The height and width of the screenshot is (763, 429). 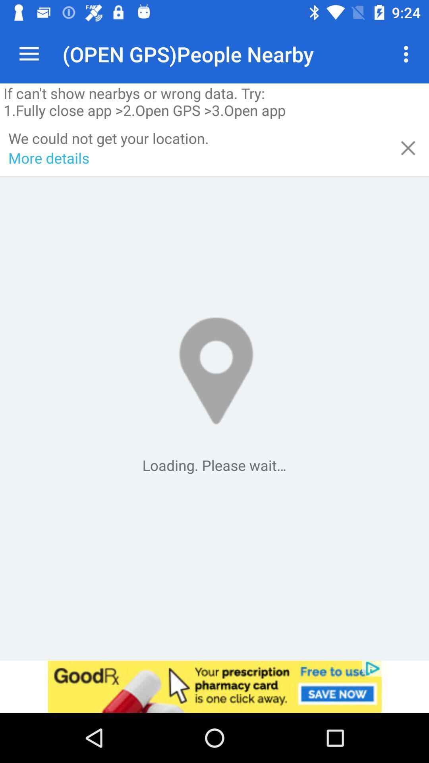 What do you see at coordinates (408, 148) in the screenshot?
I see `the close icon` at bounding box center [408, 148].